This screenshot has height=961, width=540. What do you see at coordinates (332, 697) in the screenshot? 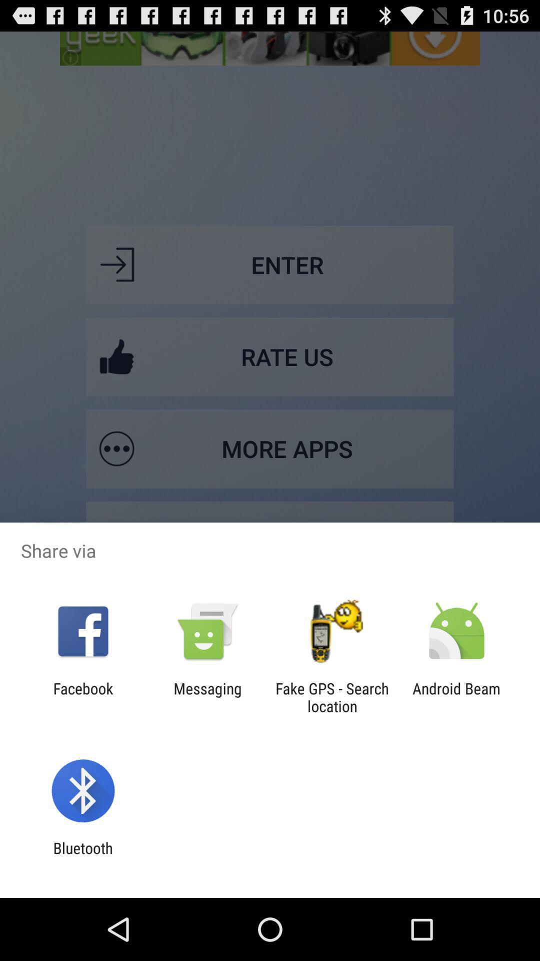
I see `item next to the android beam app` at bounding box center [332, 697].